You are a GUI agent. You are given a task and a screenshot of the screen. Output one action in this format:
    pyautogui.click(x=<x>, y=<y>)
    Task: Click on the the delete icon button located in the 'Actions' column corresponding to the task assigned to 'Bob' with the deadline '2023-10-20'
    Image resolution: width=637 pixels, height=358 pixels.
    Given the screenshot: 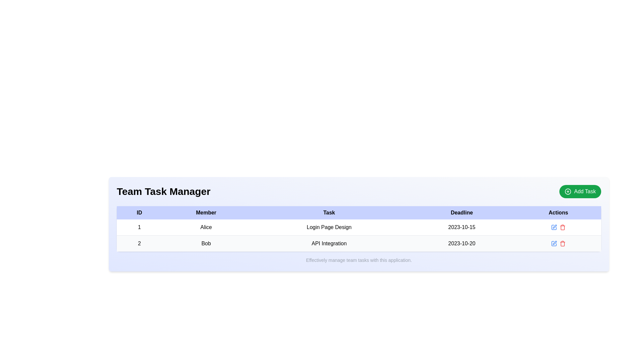 What is the action you would take?
    pyautogui.click(x=562, y=244)
    